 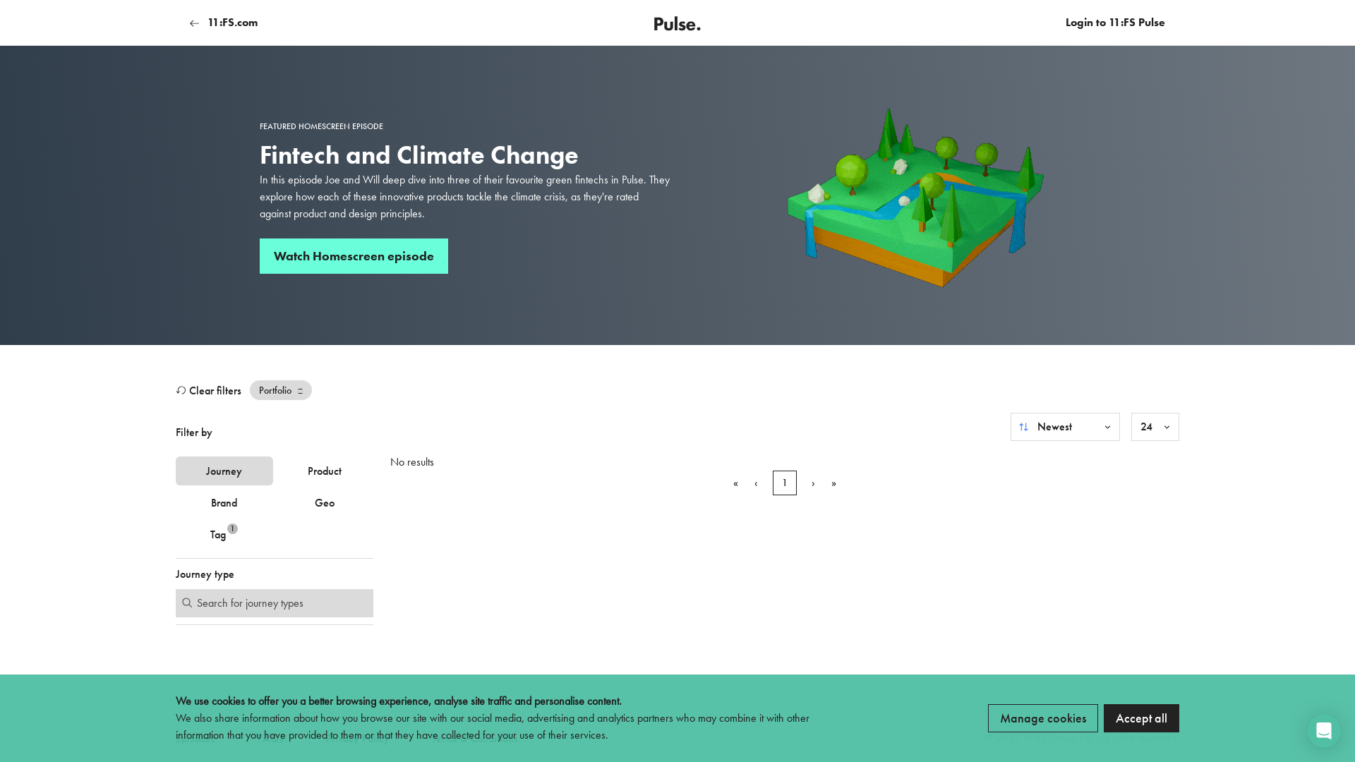 I want to click on 'Episodes', so click(x=175, y=737).